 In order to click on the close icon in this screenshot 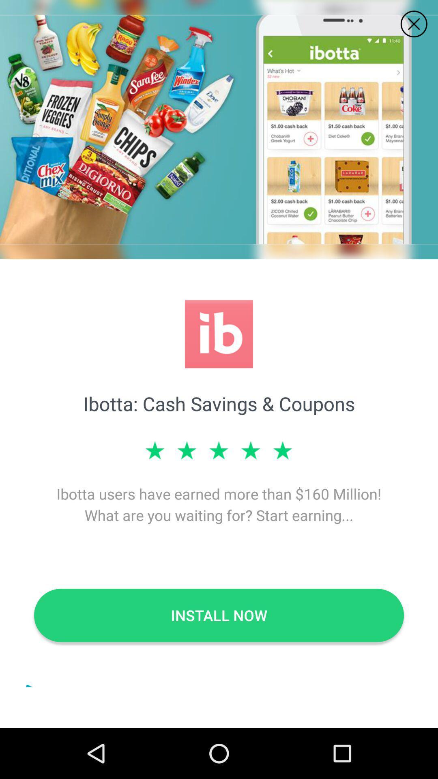, I will do `click(414, 24)`.